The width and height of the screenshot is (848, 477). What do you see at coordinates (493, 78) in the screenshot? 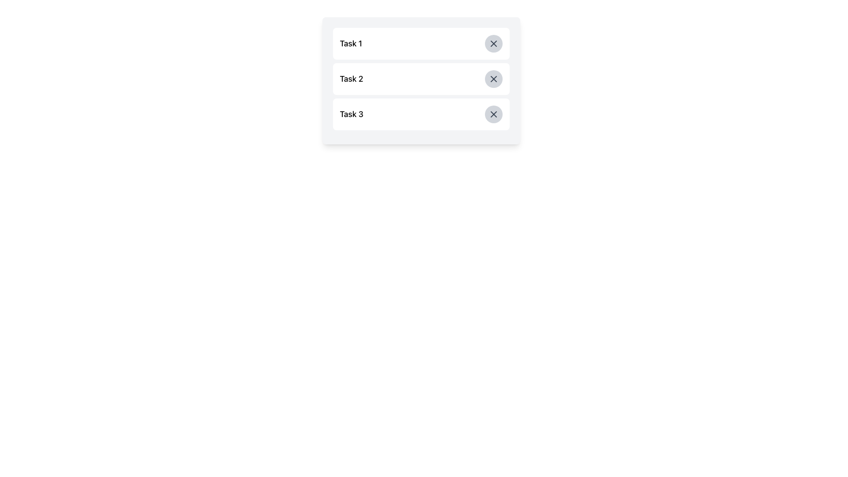
I see `the close button icon next to the 'Task 2' list item` at bounding box center [493, 78].